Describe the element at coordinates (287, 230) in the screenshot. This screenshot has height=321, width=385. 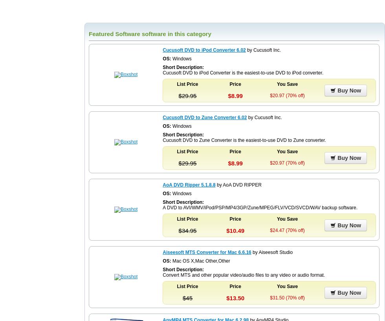
I see `'$24.47 (70% off)'` at that location.